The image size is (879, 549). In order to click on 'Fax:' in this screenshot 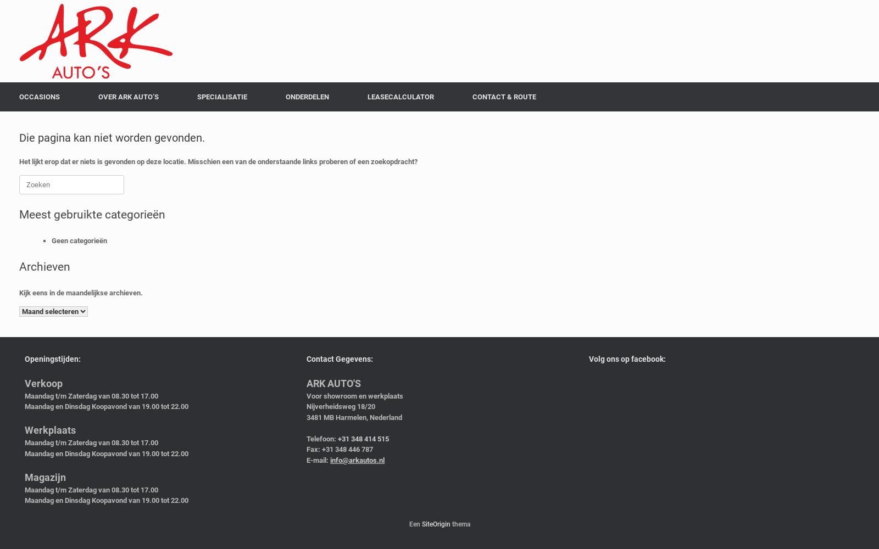, I will do `click(313, 449)`.